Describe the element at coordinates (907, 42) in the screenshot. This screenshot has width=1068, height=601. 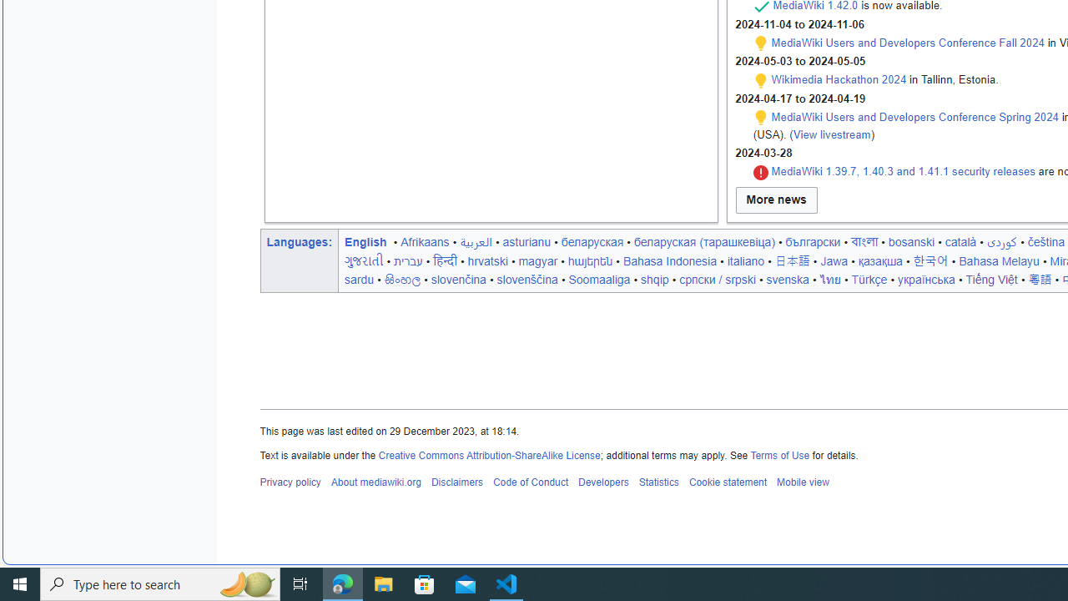
I see `'MediaWiki Users and Developers Conference Fall 2024'` at that location.